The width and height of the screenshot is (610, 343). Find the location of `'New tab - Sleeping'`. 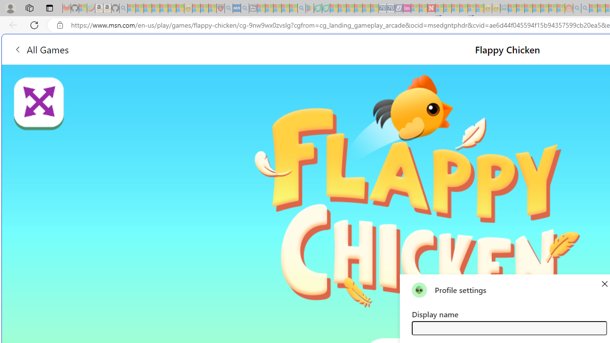

'New tab - Sleeping' is located at coordinates (253, 8).